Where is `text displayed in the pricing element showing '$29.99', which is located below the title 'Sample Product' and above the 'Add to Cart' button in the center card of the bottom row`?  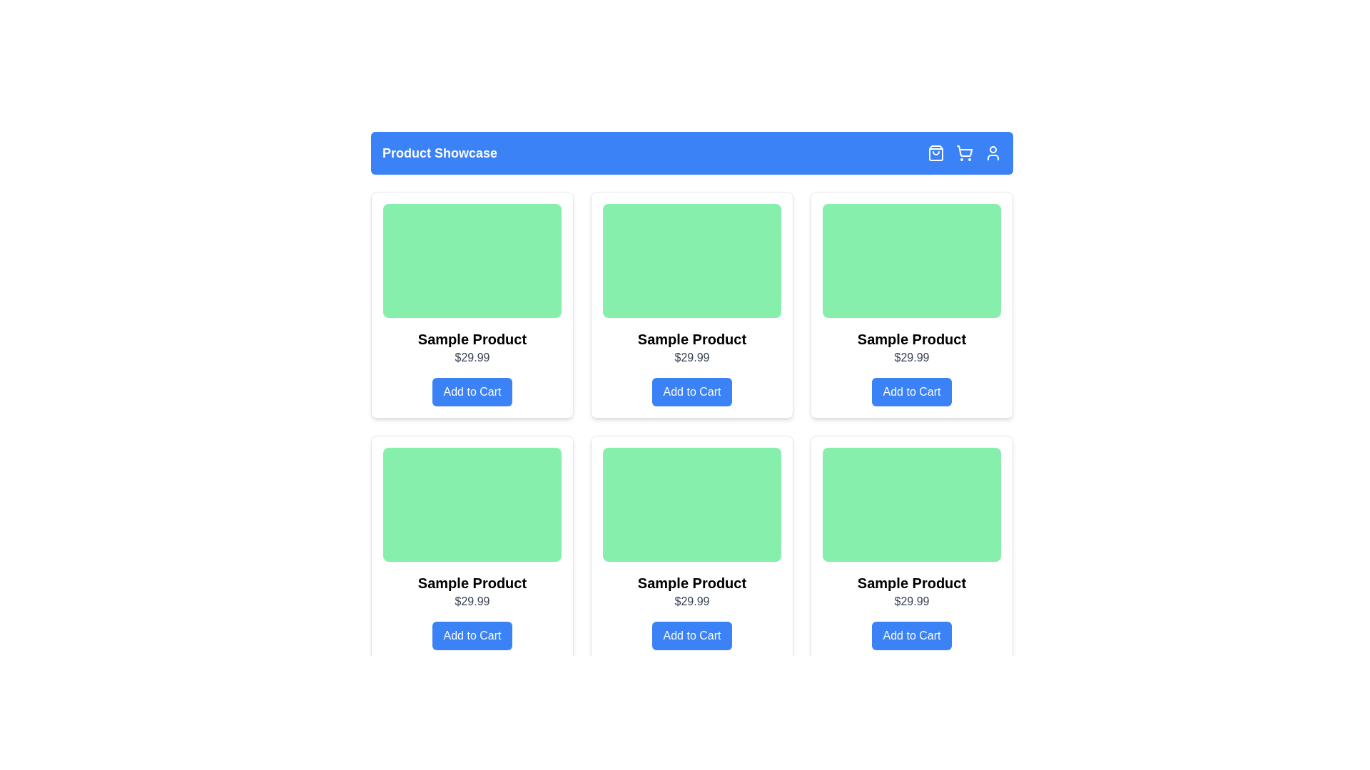 text displayed in the pricing element showing '$29.99', which is located below the title 'Sample Product' and above the 'Add to Cart' button in the center card of the bottom row is located at coordinates (691, 602).